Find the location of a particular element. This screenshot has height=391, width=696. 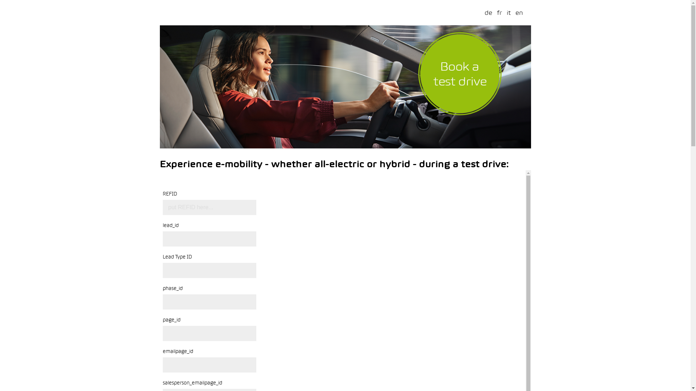

'de' is located at coordinates (488, 12).